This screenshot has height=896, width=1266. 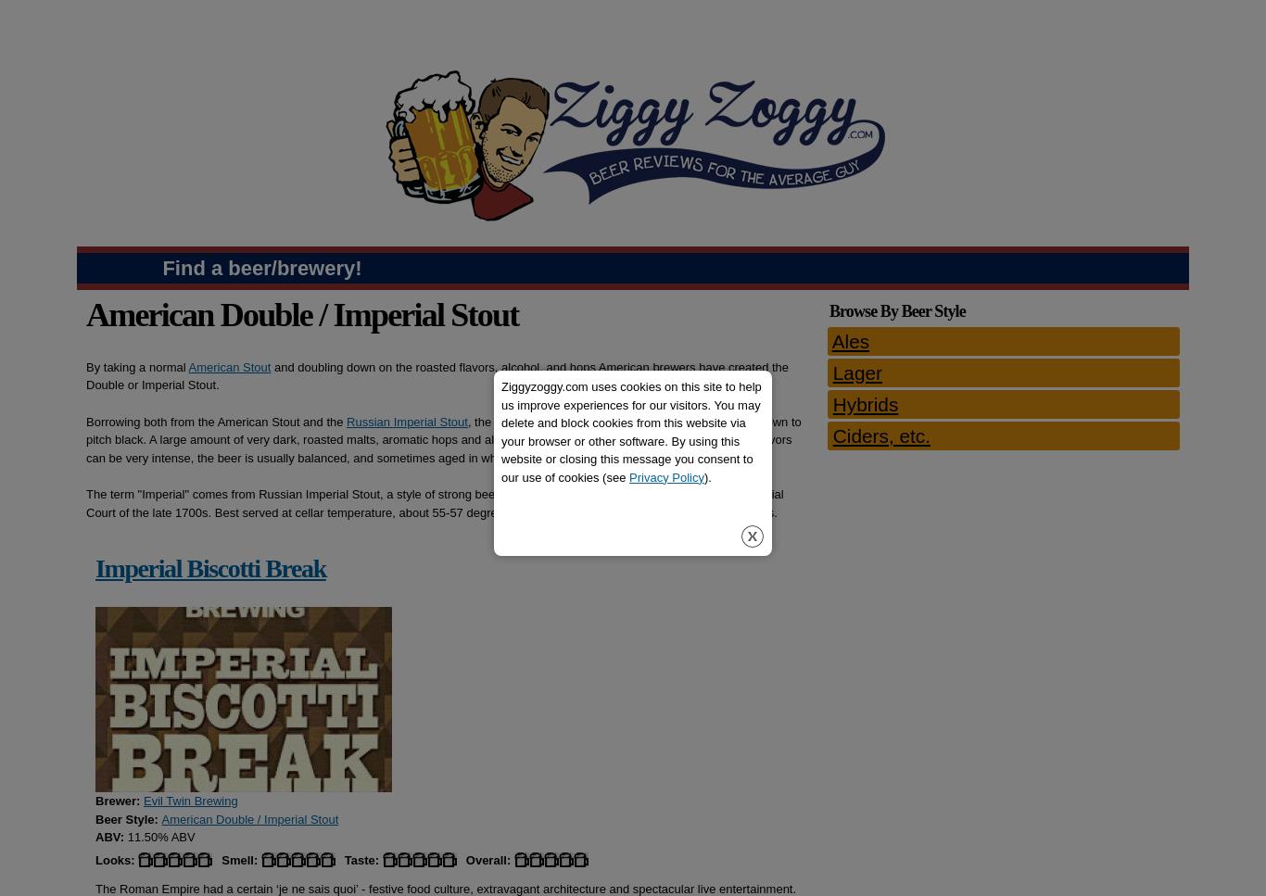 I want to click on ', the Double Stout is almost always either a very dark brown to pitch black.  A large amount of very dark, roasted malts, aromatic hops and alcohol are characteristic of the style.  Although the flavors can be very intense, the beer is usually balanced, and sometimes aged in whiskey or oak barrels.', so click(x=443, y=439).